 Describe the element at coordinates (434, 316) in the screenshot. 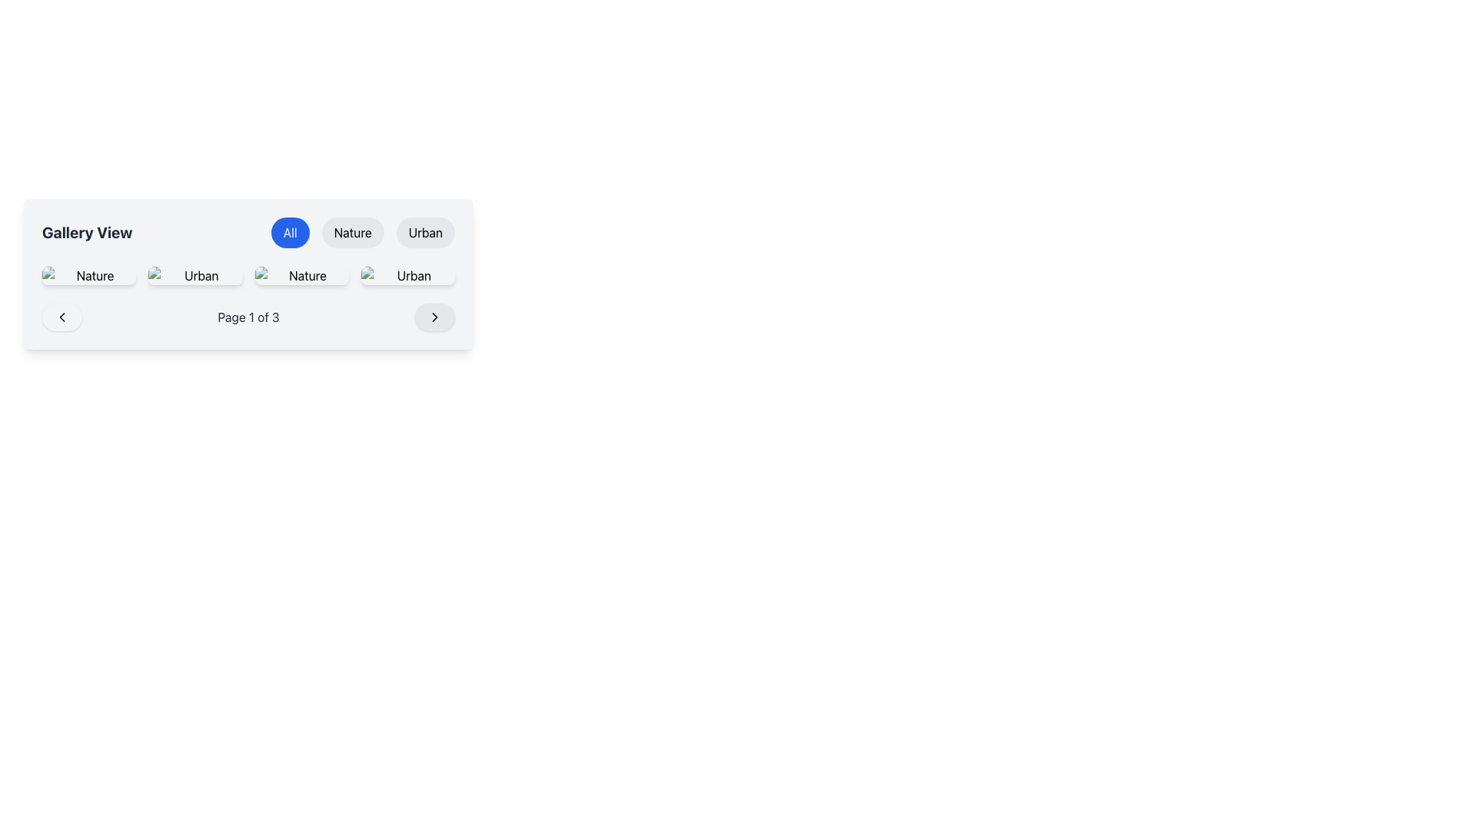

I see `the rightward chevron icon located within the circular button at the bottom-right corner of the panel, which signifies navigation to the next page or section` at that location.